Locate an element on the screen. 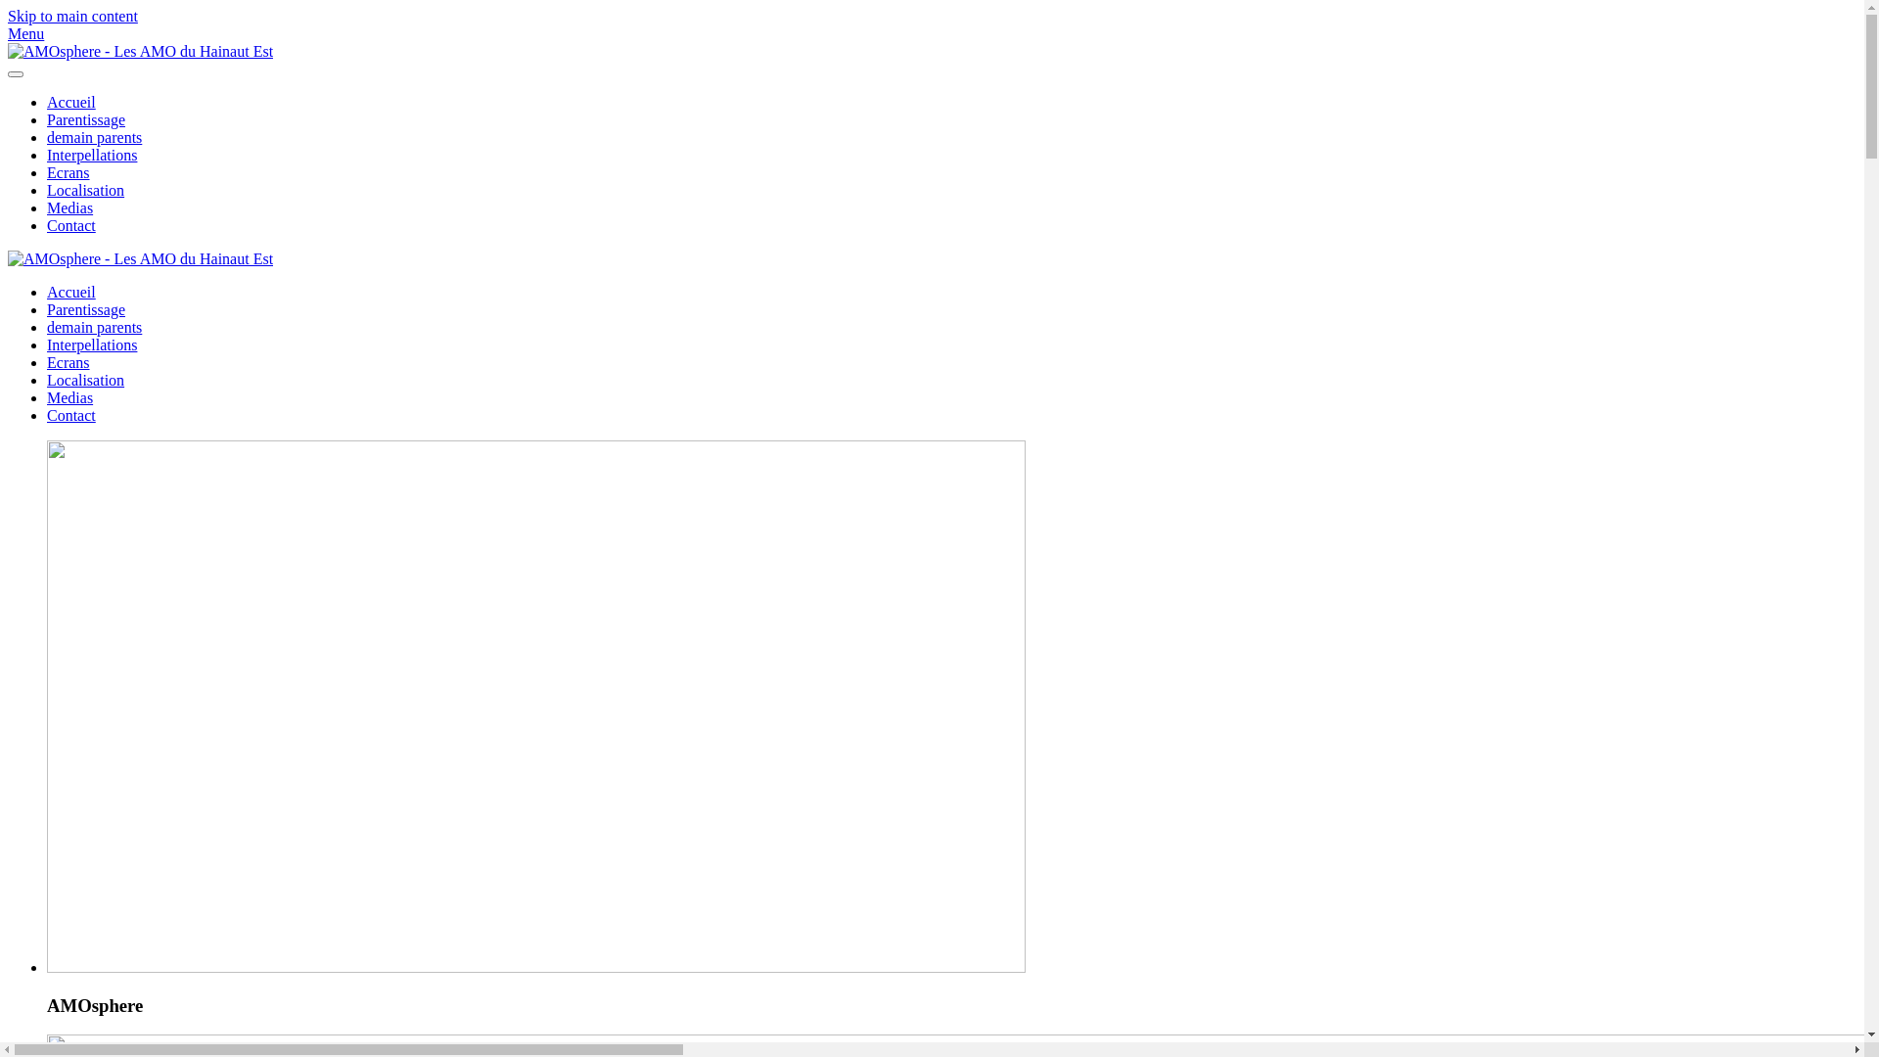 The width and height of the screenshot is (1879, 1057). 'Interpellations' is located at coordinates (91, 154).